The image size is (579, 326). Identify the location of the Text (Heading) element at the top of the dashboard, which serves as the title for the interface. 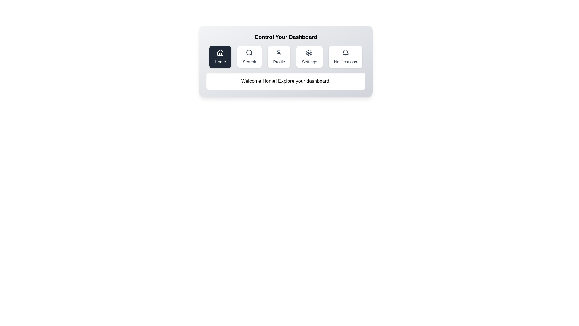
(286, 37).